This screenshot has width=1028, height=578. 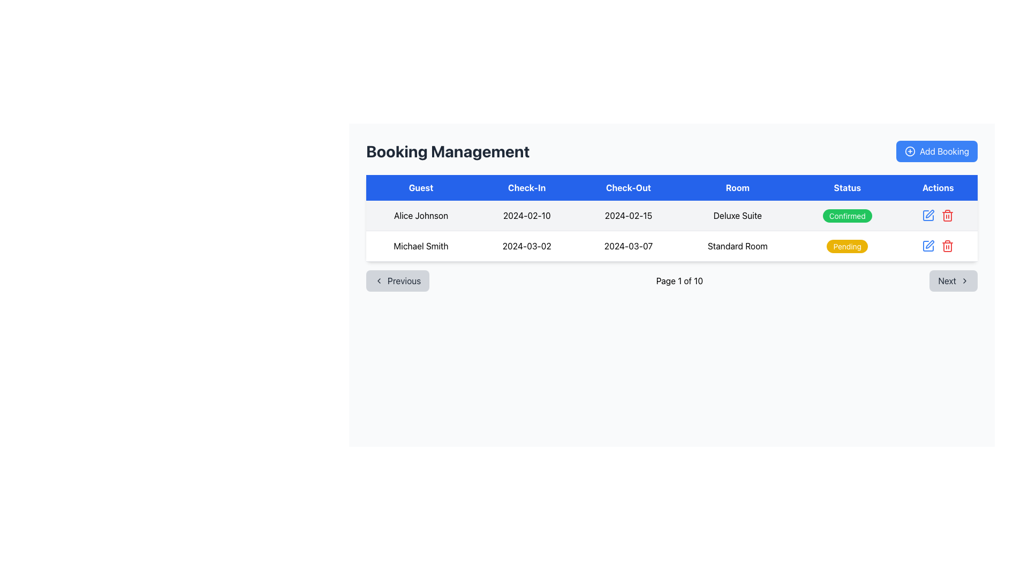 What do you see at coordinates (938, 246) in the screenshot?
I see `the red delete icon (trash can) in the Interactive Toolbar` at bounding box center [938, 246].